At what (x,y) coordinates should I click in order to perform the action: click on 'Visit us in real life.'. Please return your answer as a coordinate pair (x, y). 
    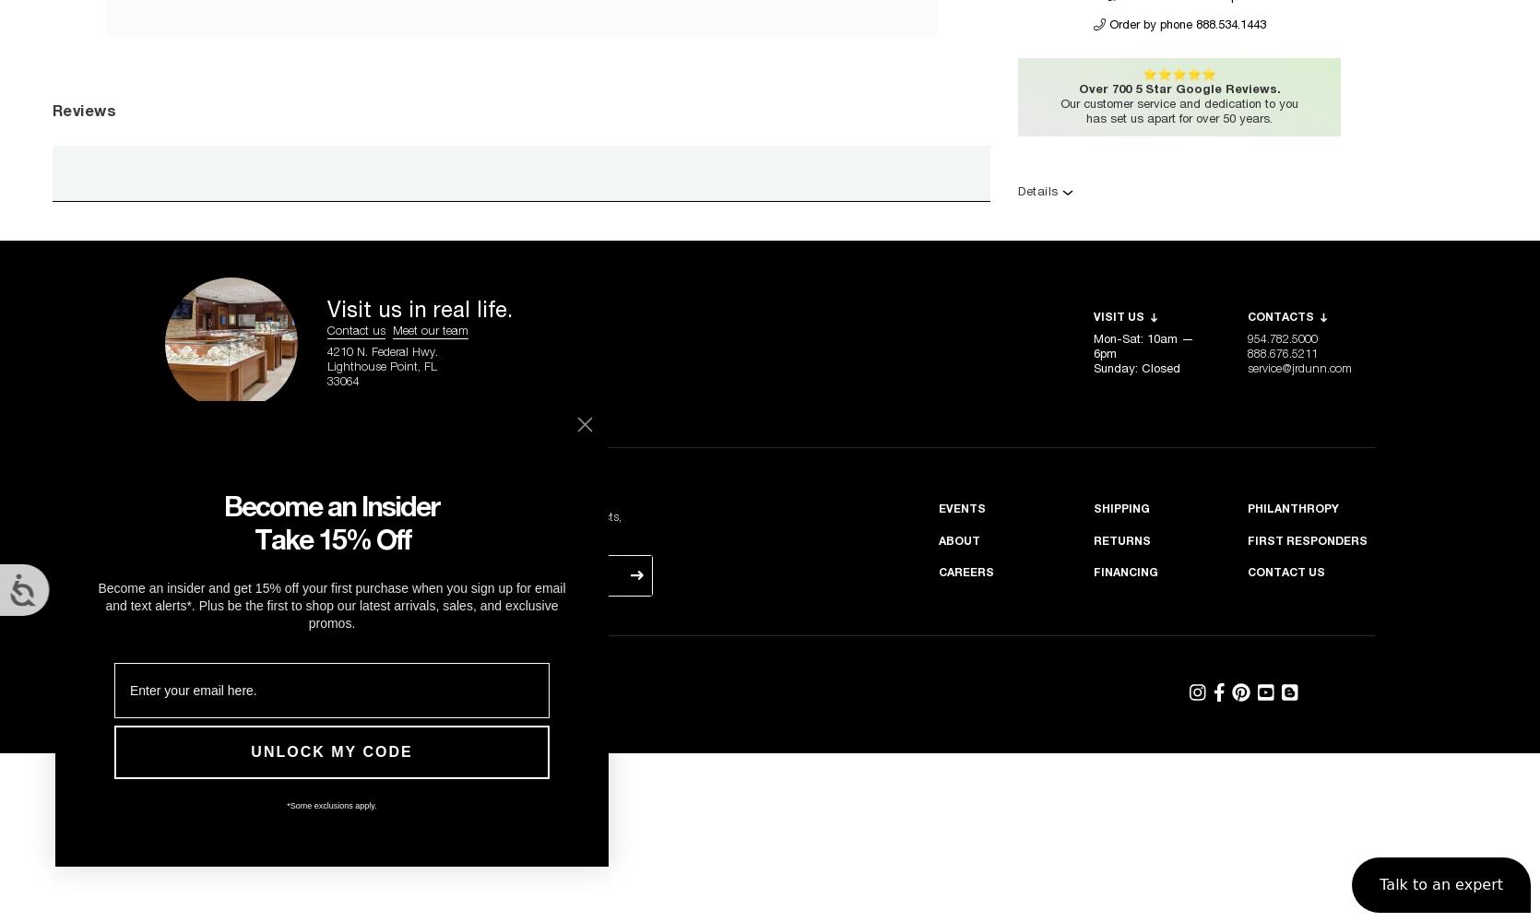
    Looking at the image, I should click on (419, 310).